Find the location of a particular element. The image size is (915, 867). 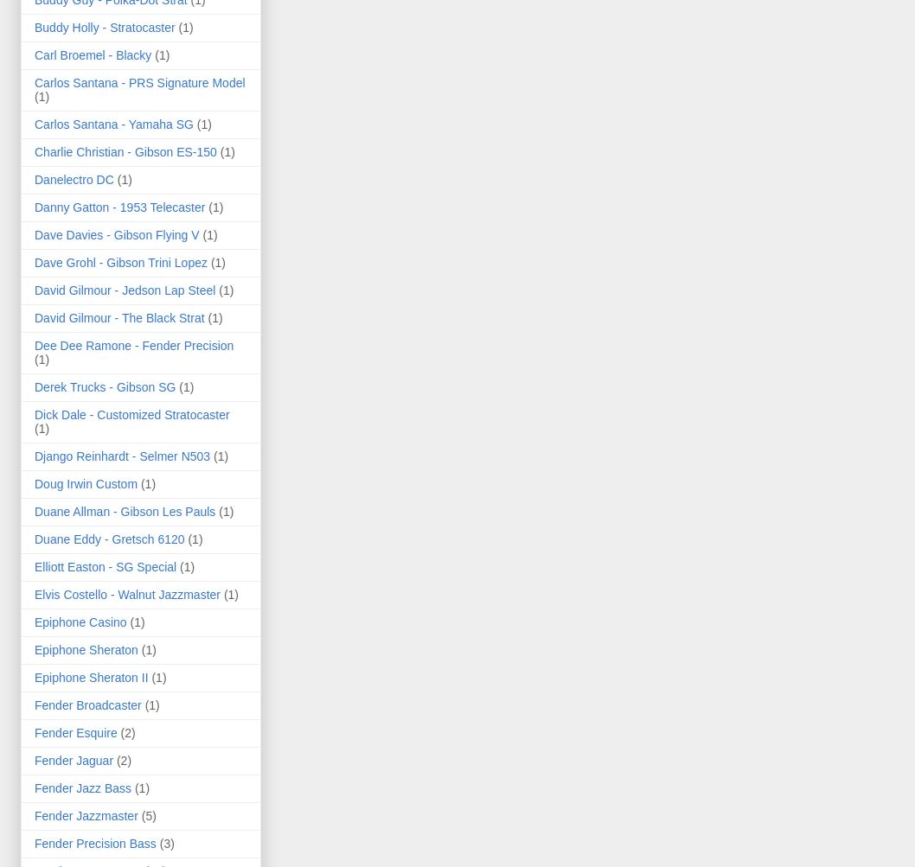

'Duane Eddy - Gretsch 6120' is located at coordinates (108, 538).